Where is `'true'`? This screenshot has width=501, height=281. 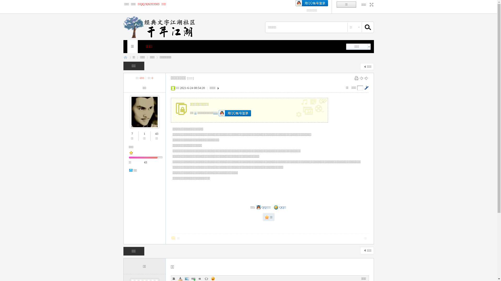
'true' is located at coordinates (365, 27).